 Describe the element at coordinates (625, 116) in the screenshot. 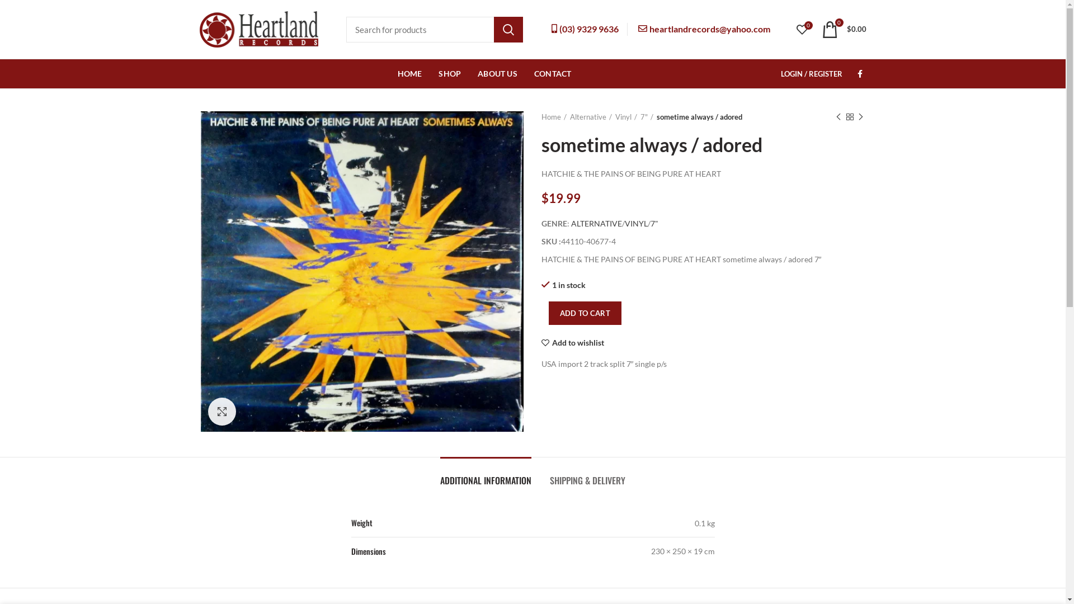

I see `'Vinyl'` at that location.